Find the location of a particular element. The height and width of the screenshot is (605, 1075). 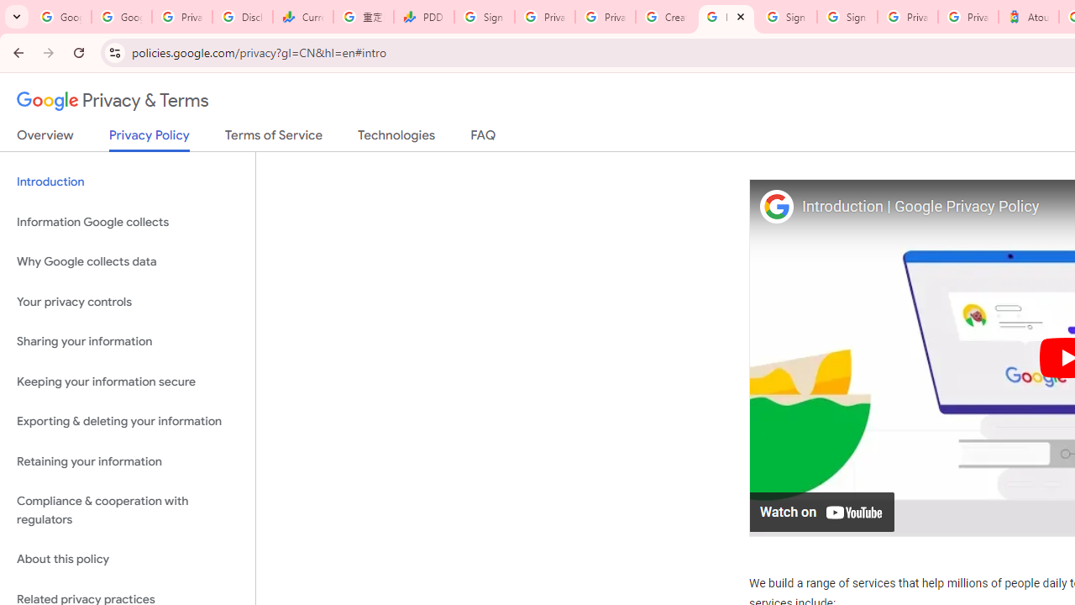

'Create your Google Account' is located at coordinates (664, 17).